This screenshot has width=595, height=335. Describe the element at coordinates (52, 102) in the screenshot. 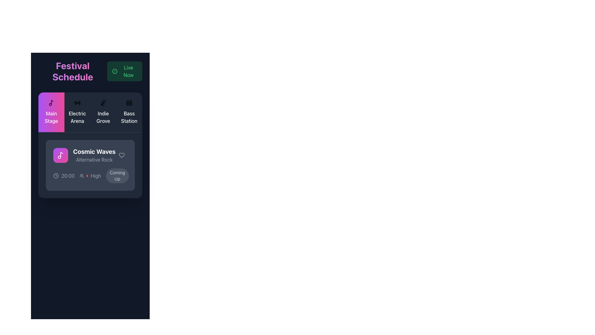

I see `the music note icon located on the leftmost side of the navigation bar that highlights the 'Main Stage' option in bright pink against a dark background` at that location.